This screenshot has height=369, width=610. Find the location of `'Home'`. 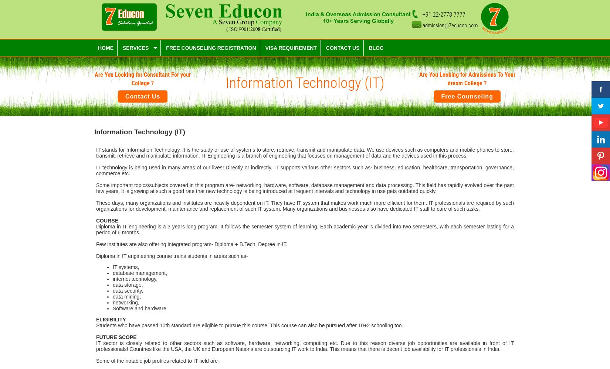

'Home' is located at coordinates (105, 48).